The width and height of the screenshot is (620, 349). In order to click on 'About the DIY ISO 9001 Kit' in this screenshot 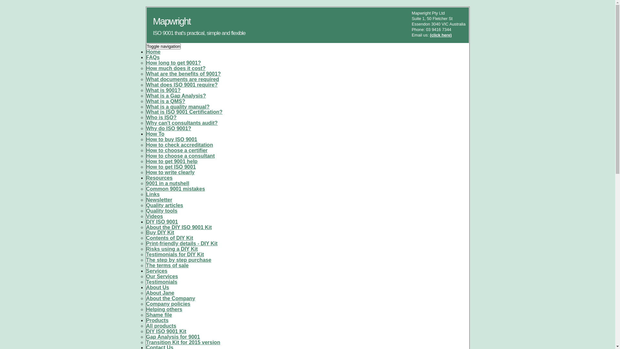, I will do `click(145, 227)`.